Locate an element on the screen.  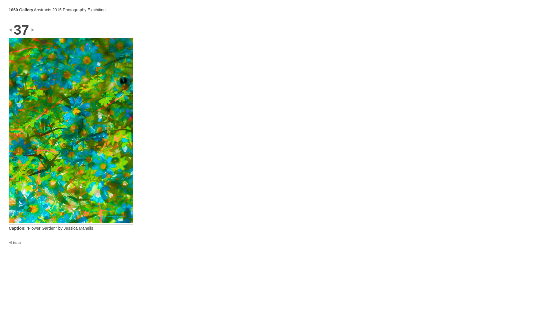
'   ' is located at coordinates (14, 30).